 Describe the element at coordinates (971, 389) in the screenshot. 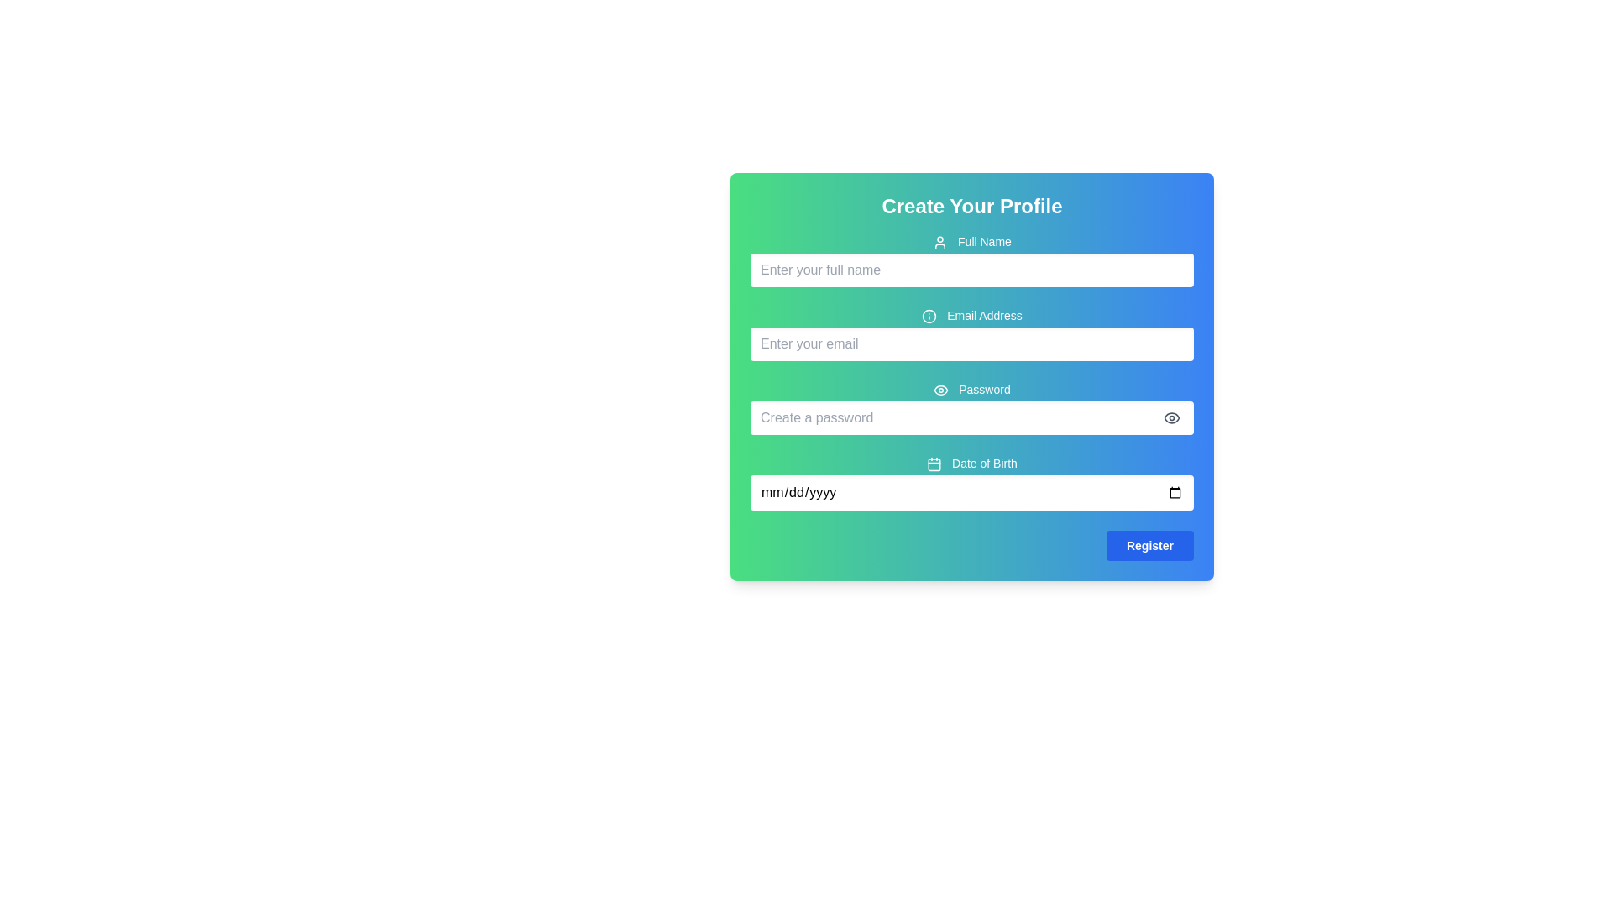

I see `the password input label, which is positioned in the third row of the form, directly above the password input field, guiding users to enter their password` at that location.